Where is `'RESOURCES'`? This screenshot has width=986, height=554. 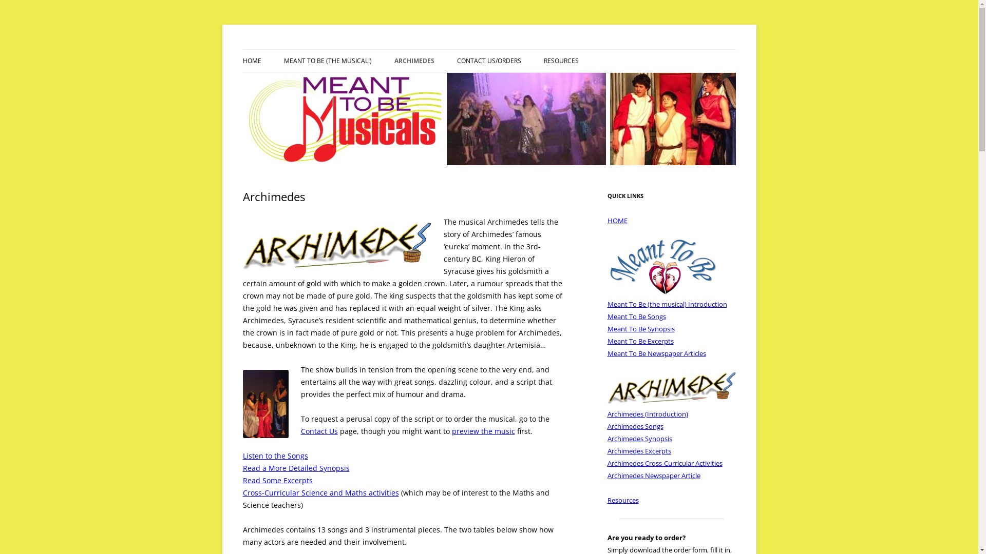 'RESOURCES' is located at coordinates (560, 61).